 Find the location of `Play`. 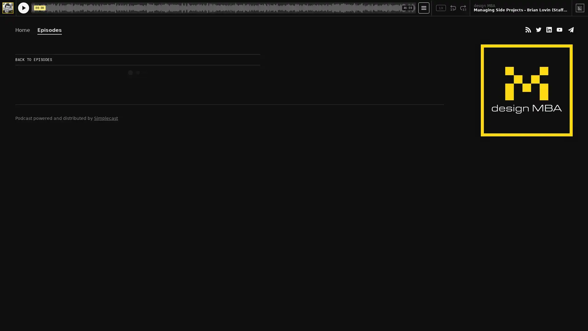

Play is located at coordinates (23, 8).